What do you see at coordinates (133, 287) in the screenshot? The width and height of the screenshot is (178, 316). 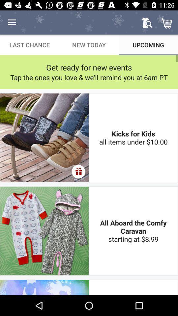 I see `one day zumba icon` at bounding box center [133, 287].